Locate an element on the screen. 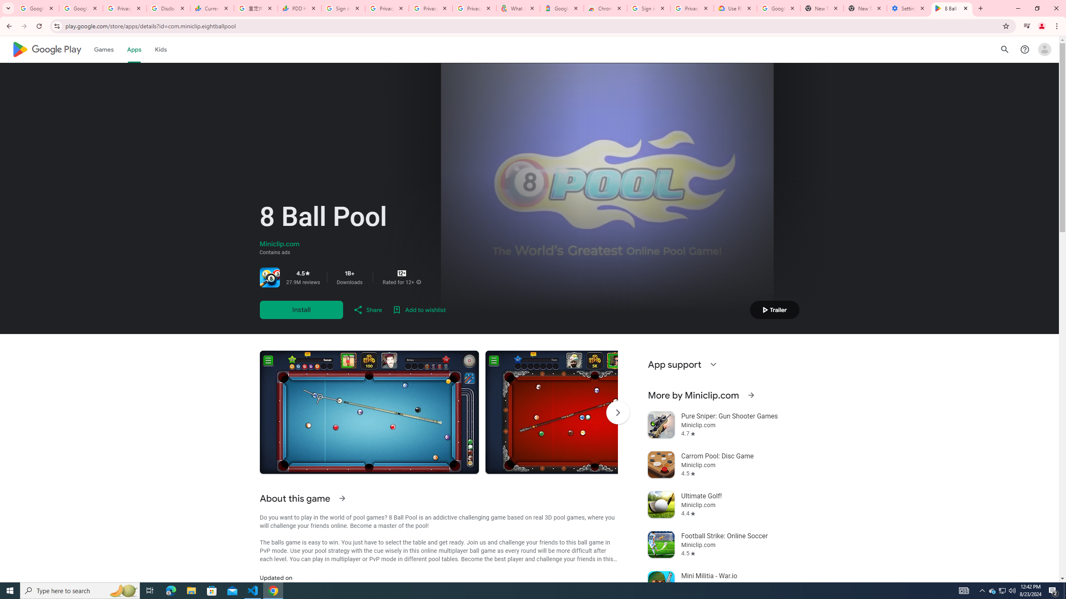 The width and height of the screenshot is (1066, 599). 'More info about this content rating' is located at coordinates (418, 282).